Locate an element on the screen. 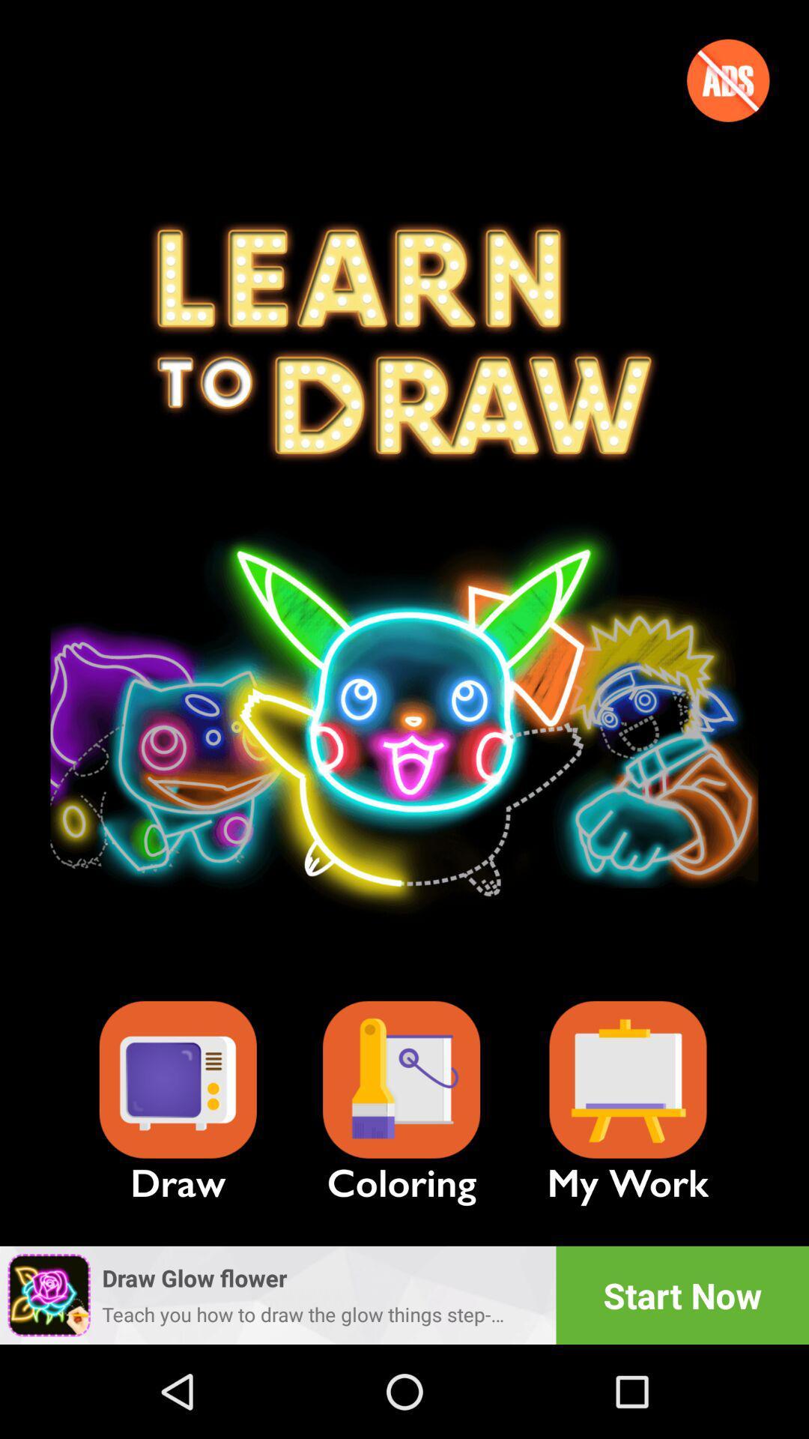 This screenshot has height=1439, width=809. the item next to my work is located at coordinates (401, 1080).